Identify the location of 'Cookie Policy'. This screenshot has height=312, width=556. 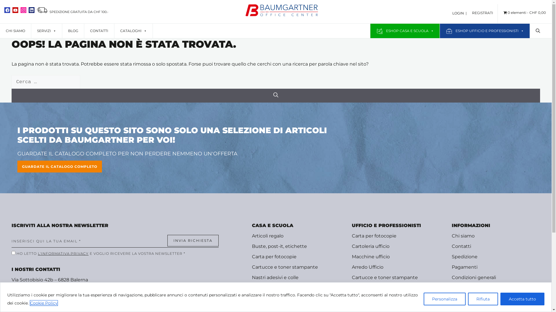
(43, 302).